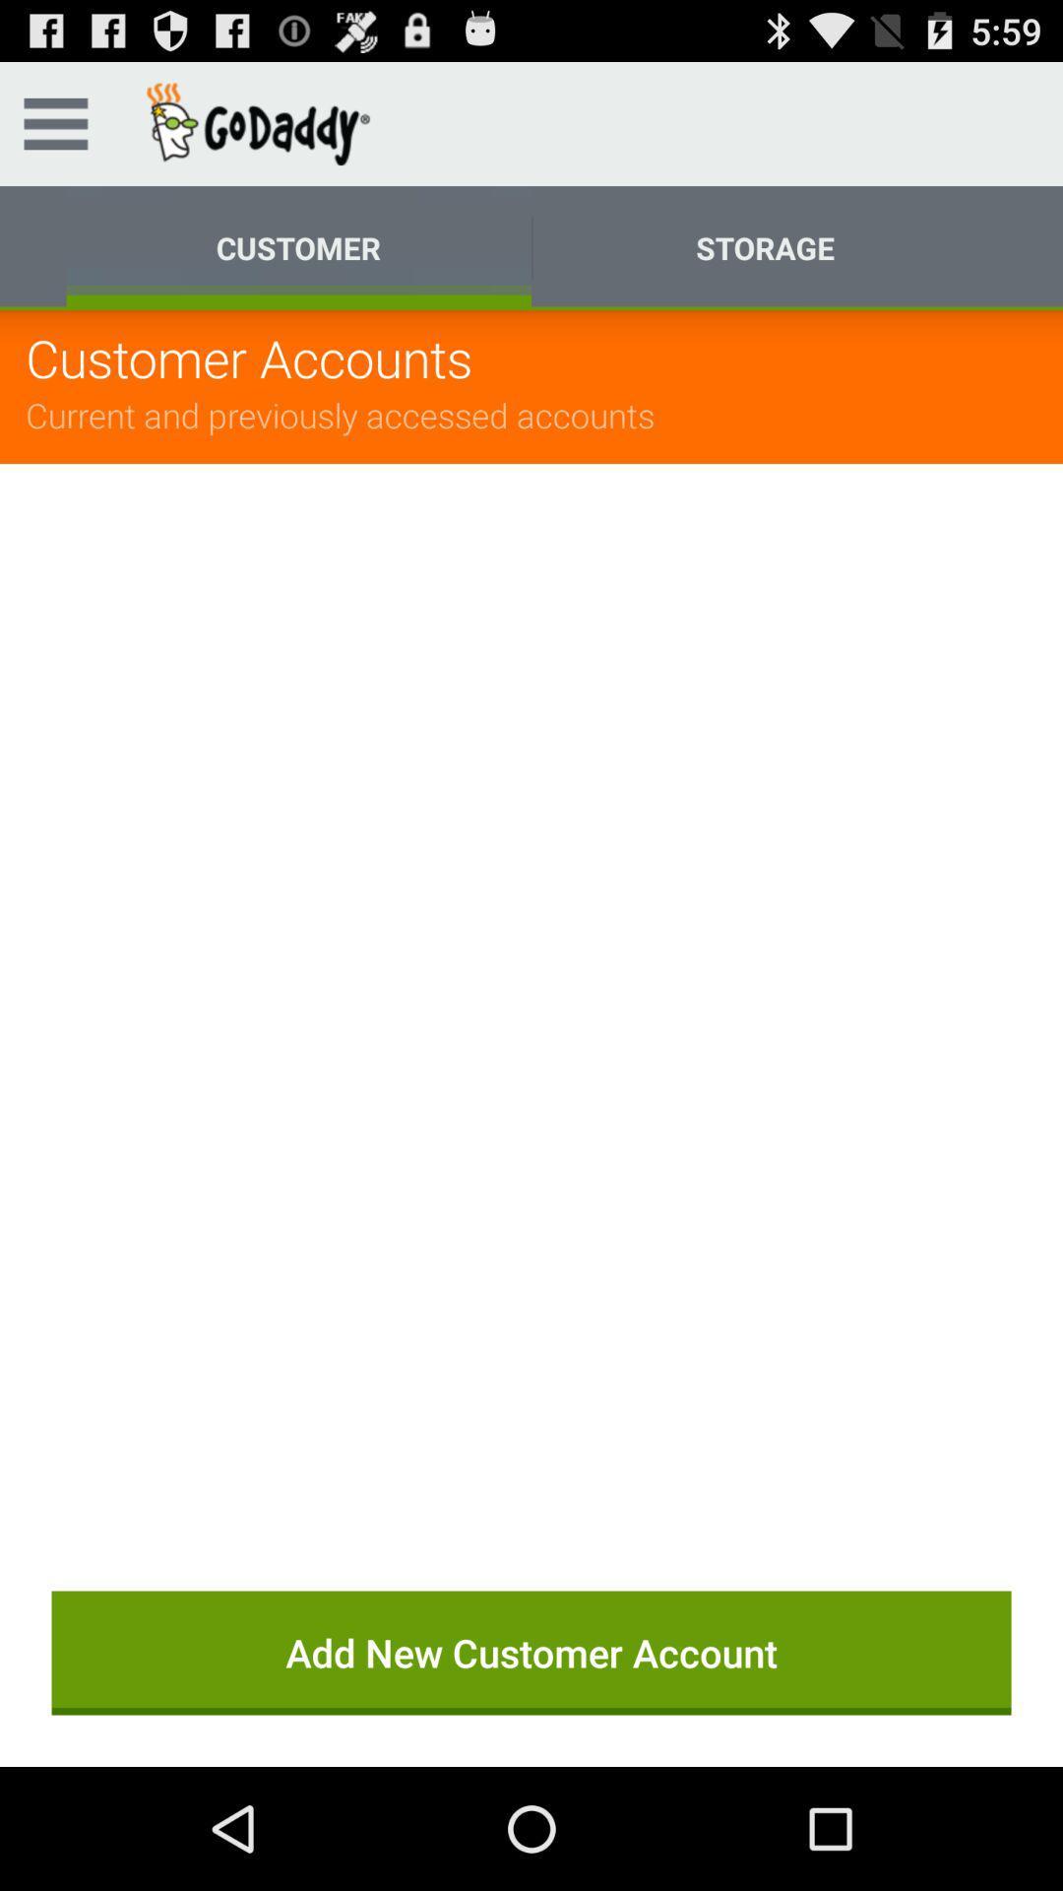  What do you see at coordinates (531, 1653) in the screenshot?
I see `the button at the bottom` at bounding box center [531, 1653].